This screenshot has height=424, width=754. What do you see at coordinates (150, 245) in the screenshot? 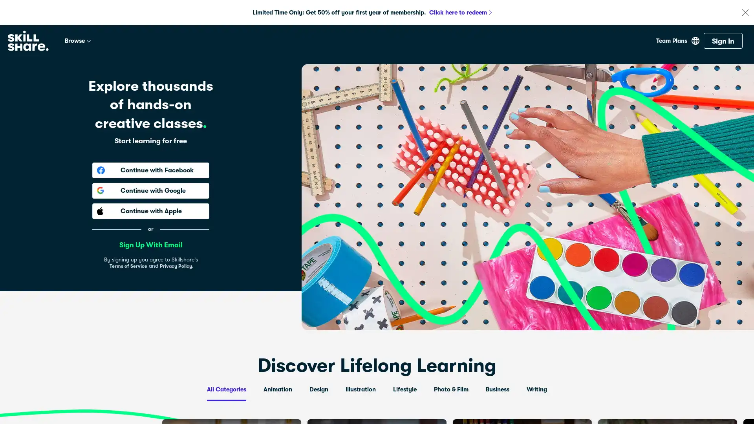
I see `Sign Up With Email` at bounding box center [150, 245].